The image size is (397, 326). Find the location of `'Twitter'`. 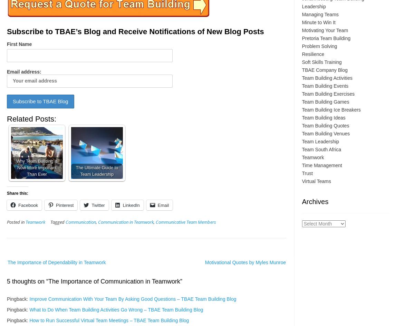

'Twitter' is located at coordinates (91, 205).